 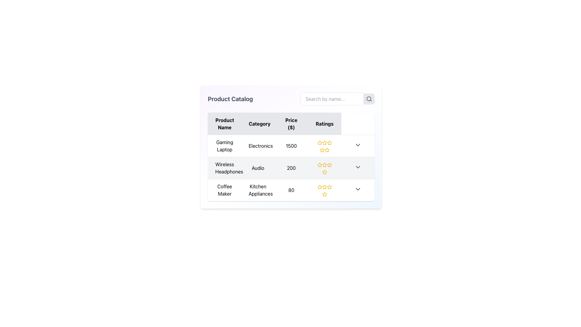 I want to click on the third star icon in the ratings section for 'Coffee Maker', so click(x=324, y=187).